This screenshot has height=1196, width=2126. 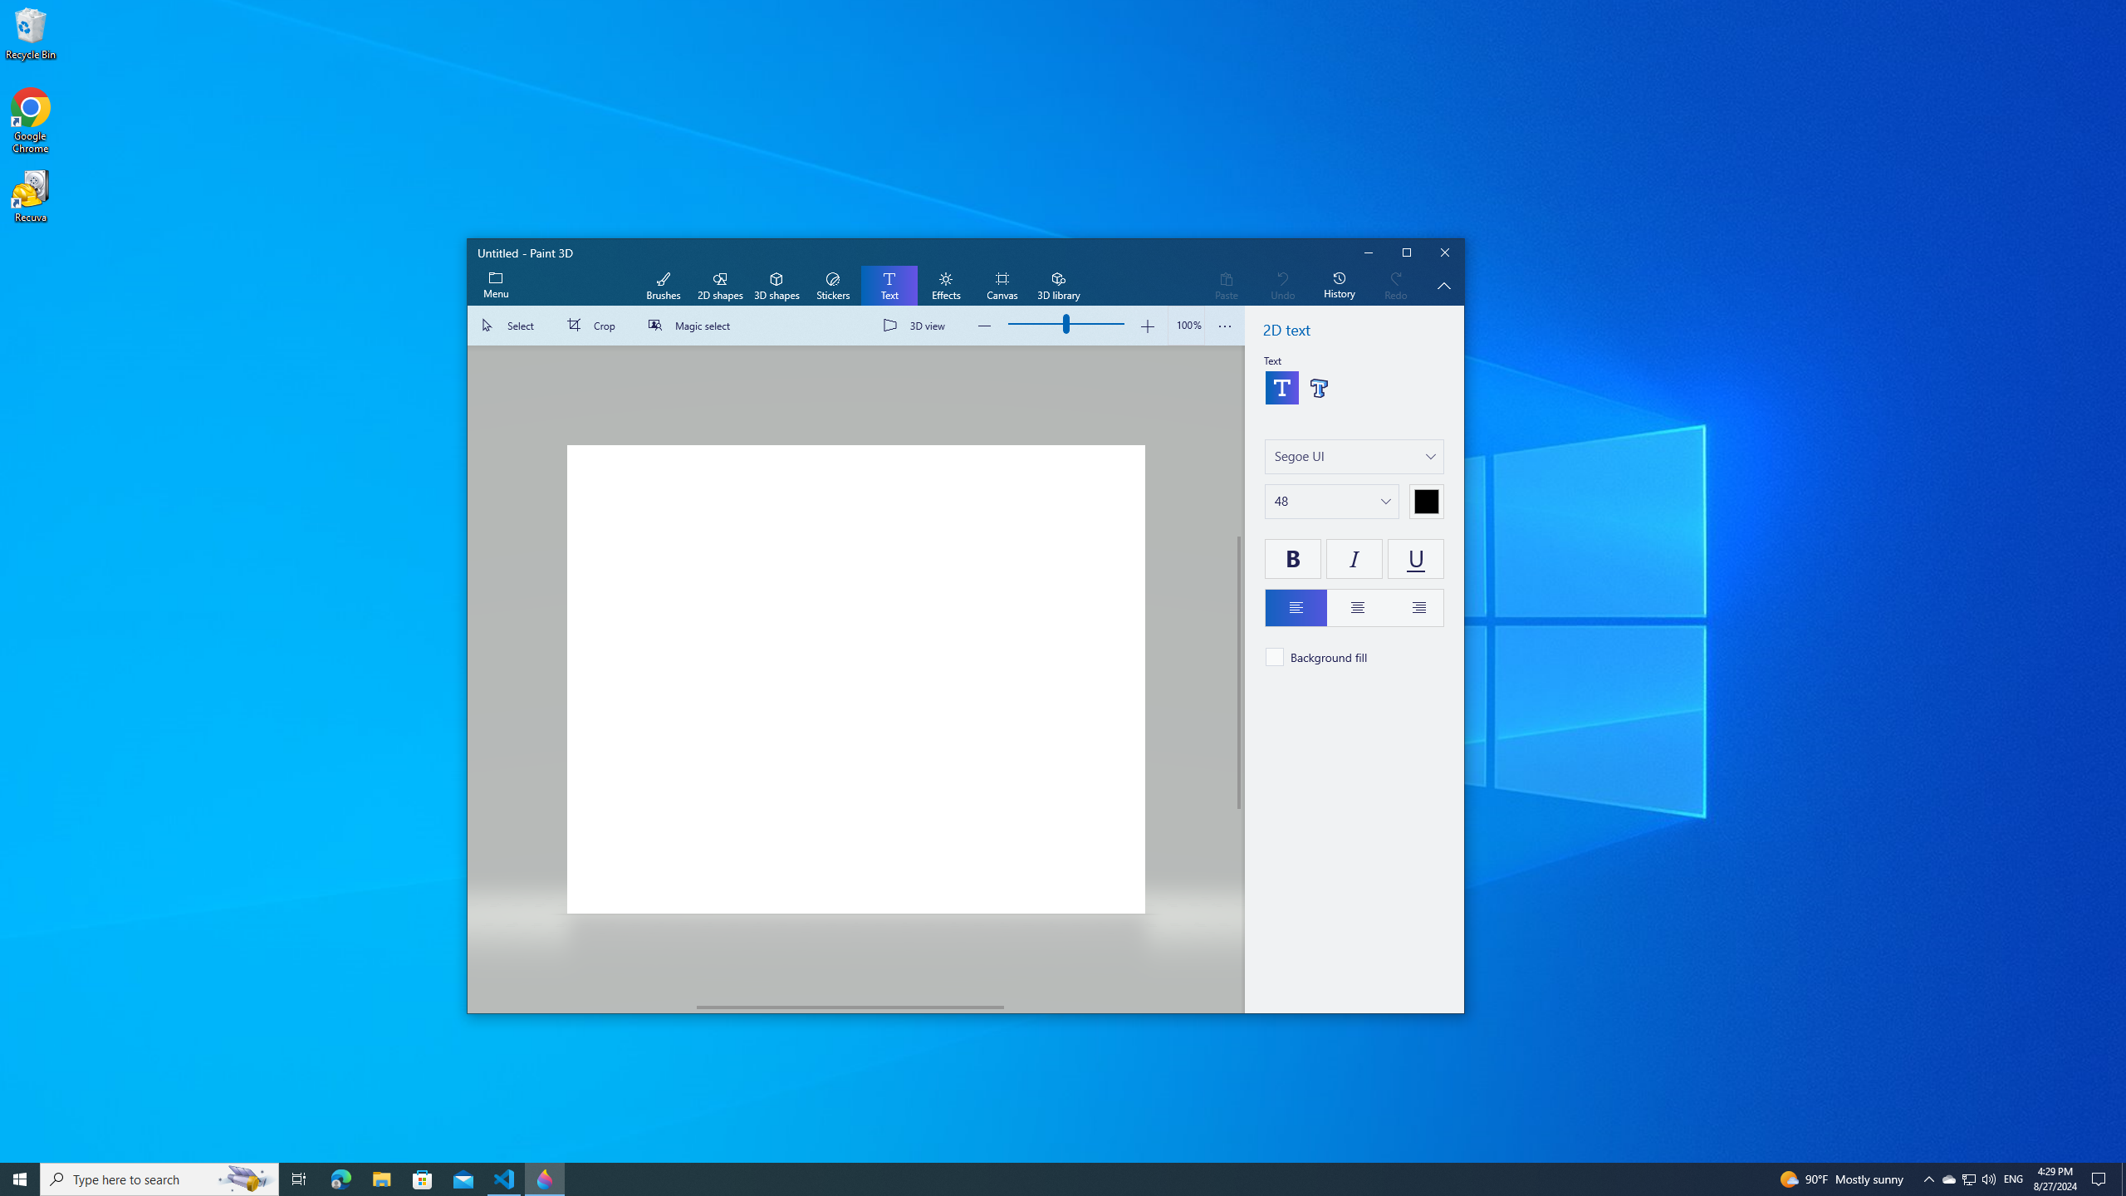 I want to click on 'Hide description', so click(x=1443, y=286).